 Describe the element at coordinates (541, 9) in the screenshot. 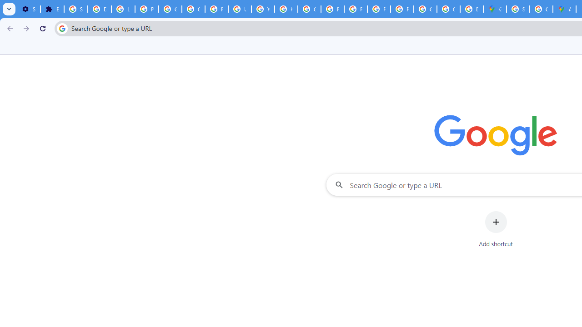

I see `'Create your Google Account'` at that location.